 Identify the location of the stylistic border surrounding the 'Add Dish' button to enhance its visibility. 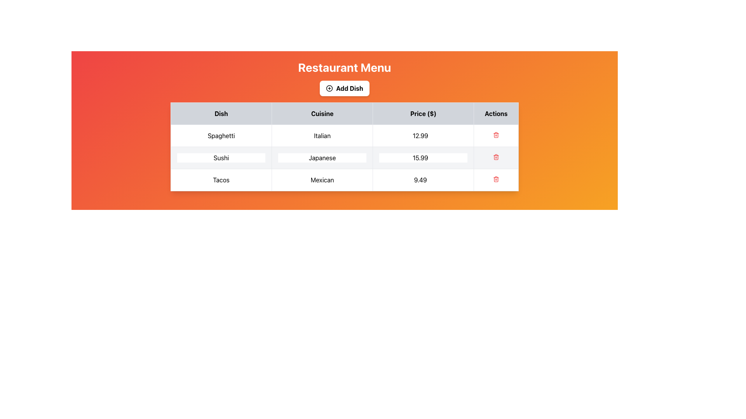
(329, 88).